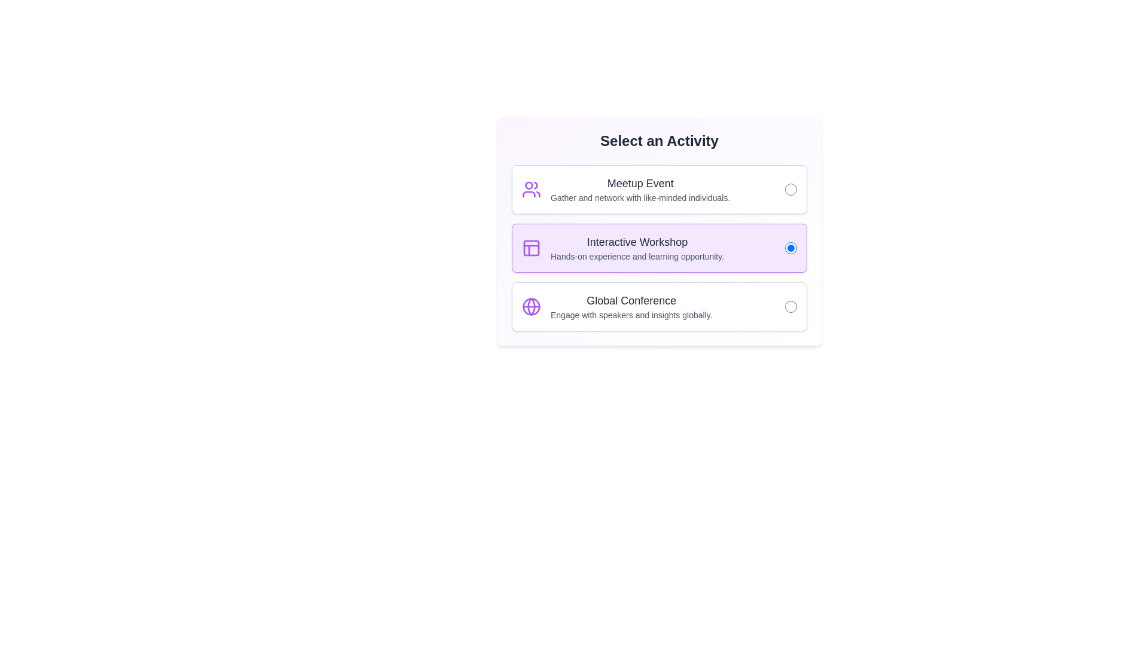  Describe the element at coordinates (640, 184) in the screenshot. I see `the title text label for the Meetup Event option, which is centrally aligned above the description text within a white box` at that location.